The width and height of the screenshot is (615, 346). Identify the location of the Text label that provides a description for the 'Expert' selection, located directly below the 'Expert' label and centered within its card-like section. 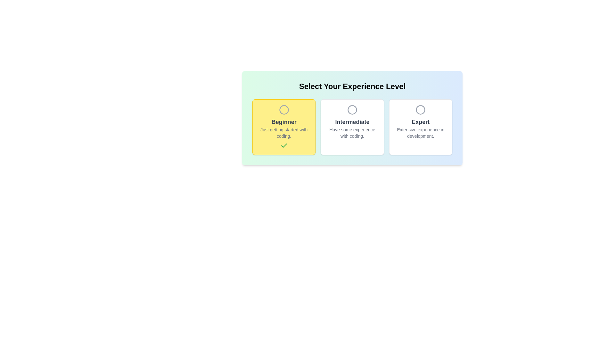
(421, 133).